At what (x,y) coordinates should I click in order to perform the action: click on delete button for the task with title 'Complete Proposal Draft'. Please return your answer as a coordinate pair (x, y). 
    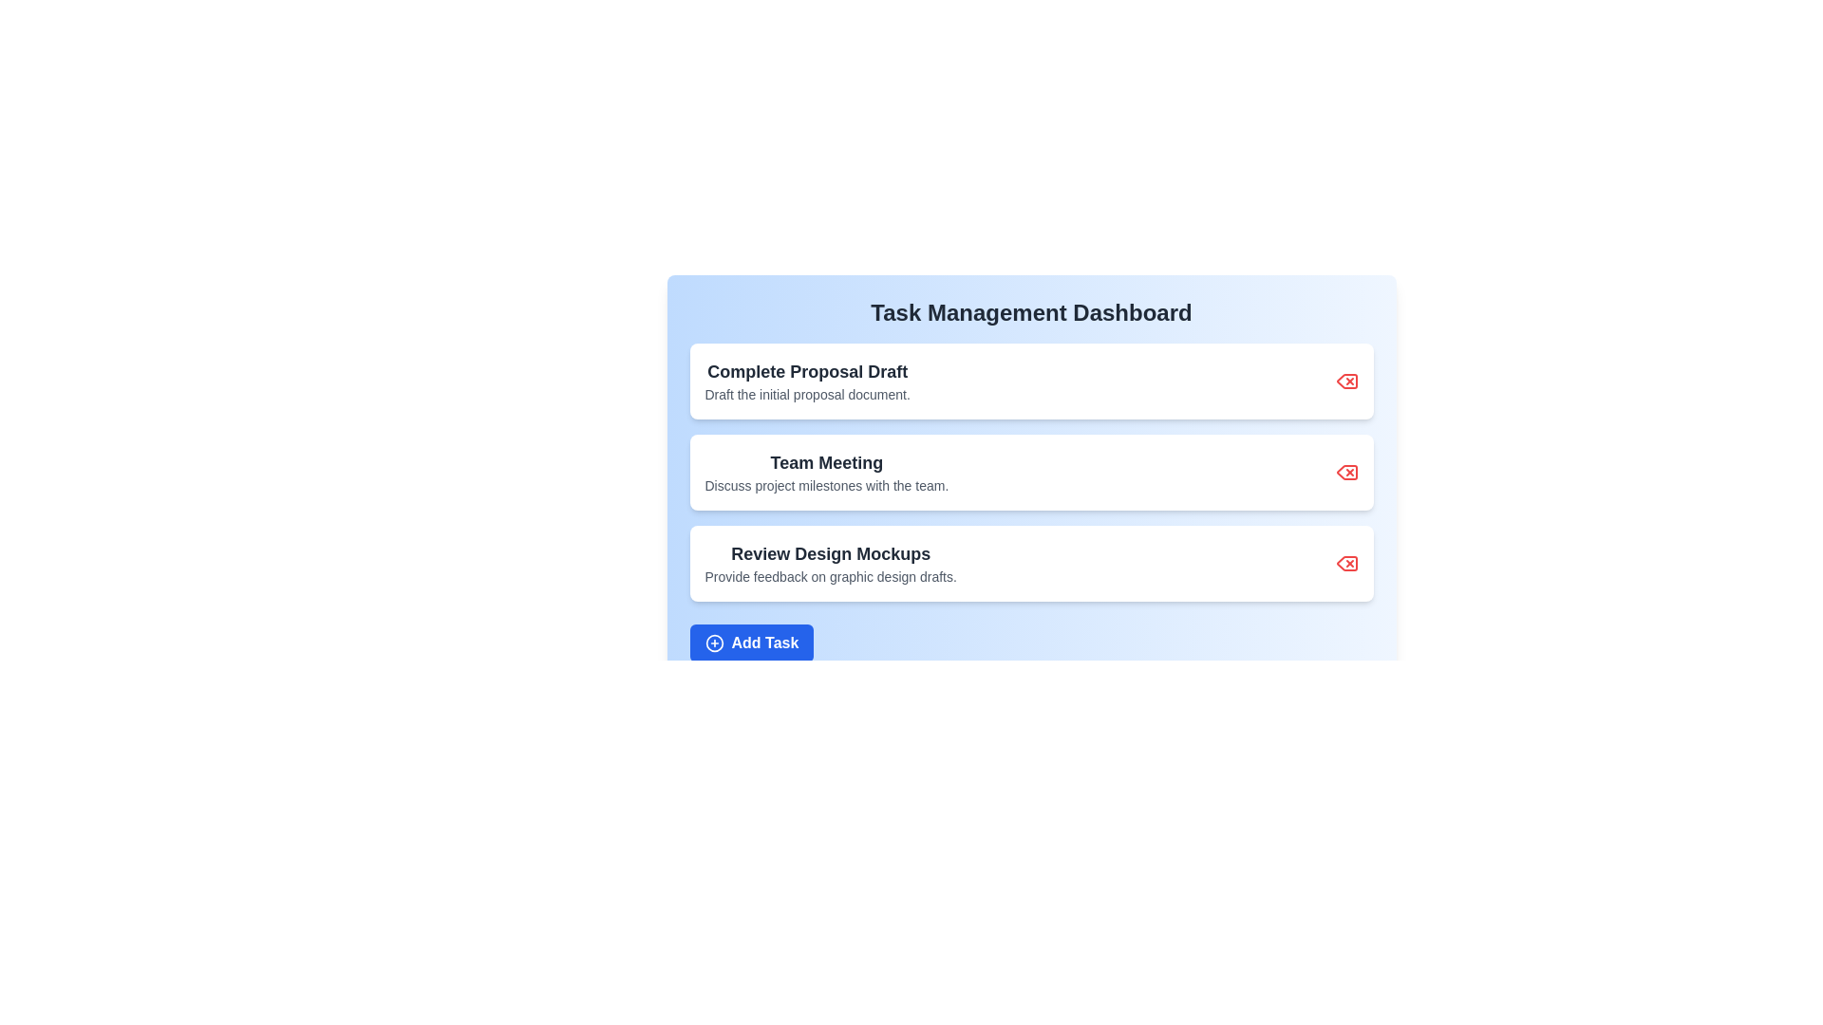
    Looking at the image, I should click on (1345, 381).